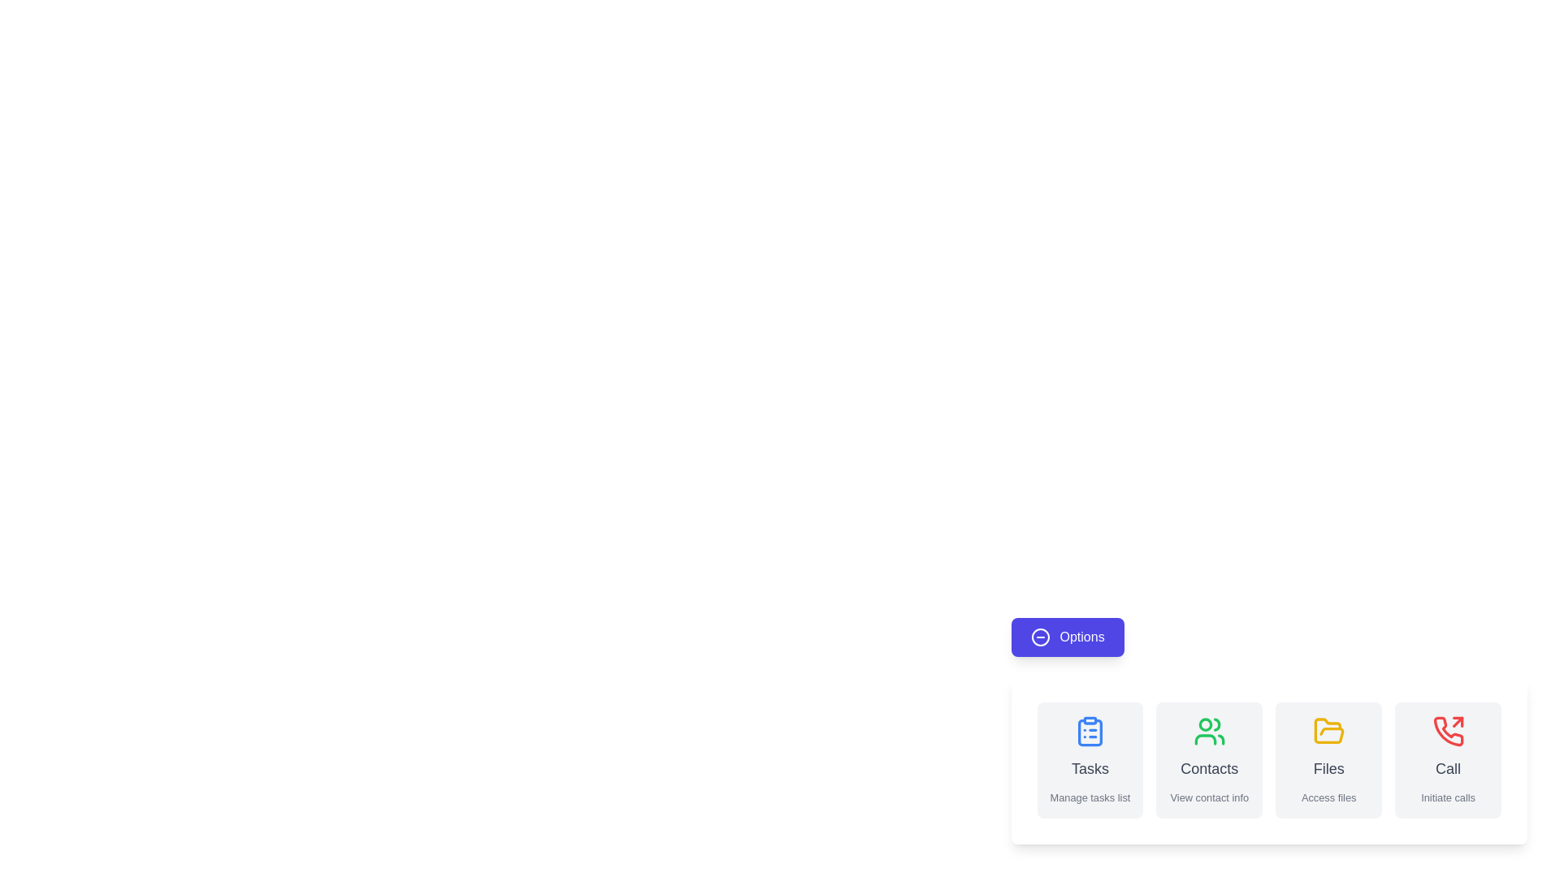 Image resolution: width=1560 pixels, height=877 pixels. I want to click on the 'Options' button to toggle the visibility of the menu, so click(1068, 637).